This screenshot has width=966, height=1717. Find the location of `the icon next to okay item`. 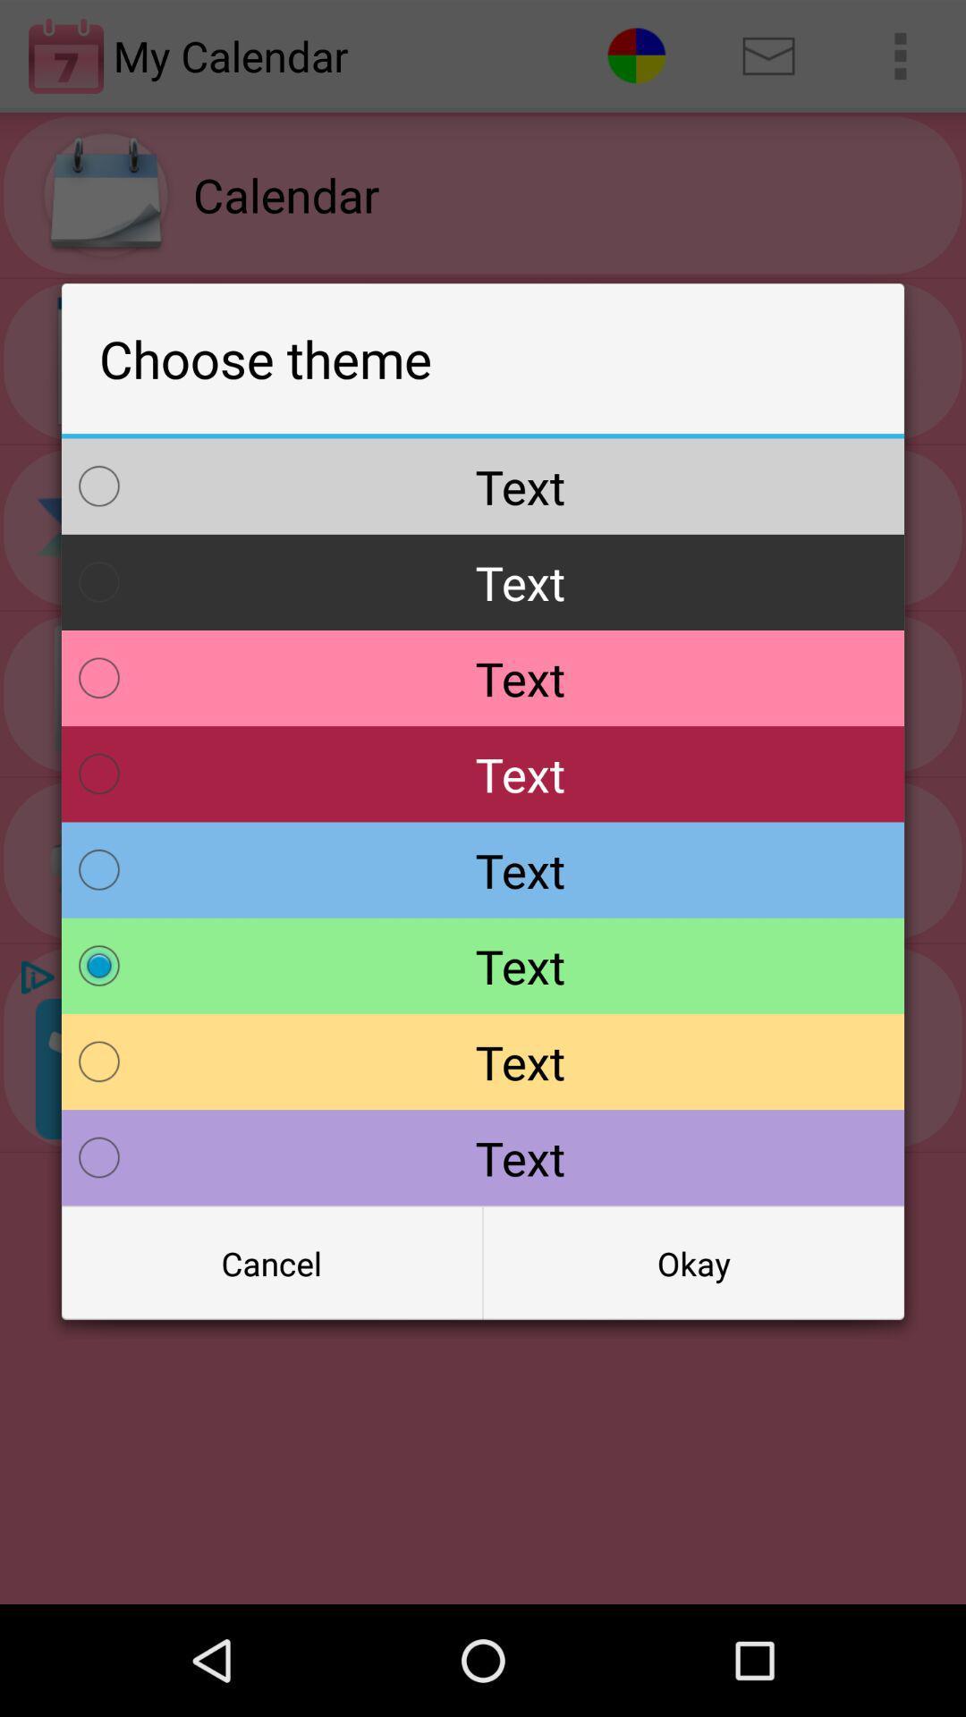

the icon next to okay item is located at coordinates (272, 1262).